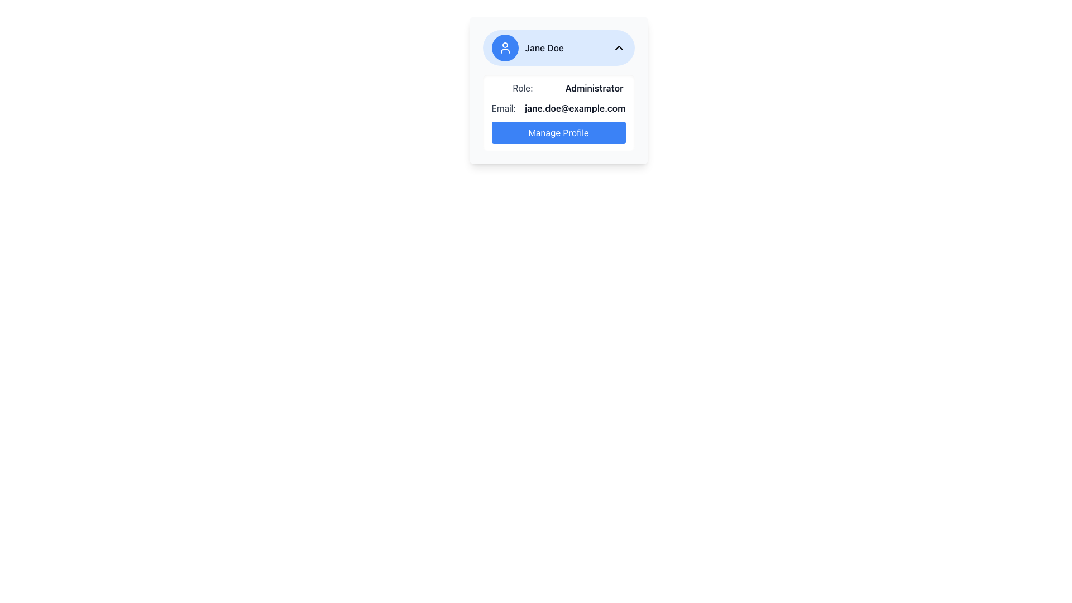 The image size is (1072, 603). What do you see at coordinates (558, 132) in the screenshot?
I see `the profile settings button located centrally under the text details 'Role: Administrator' and 'Email: jane.doe@example.com'` at bounding box center [558, 132].